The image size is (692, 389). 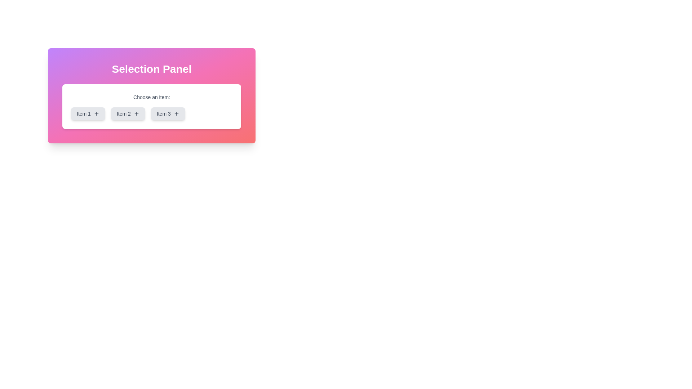 I want to click on the second button in the options panel that triggers an action related to 'Item 2', so click(x=128, y=113).